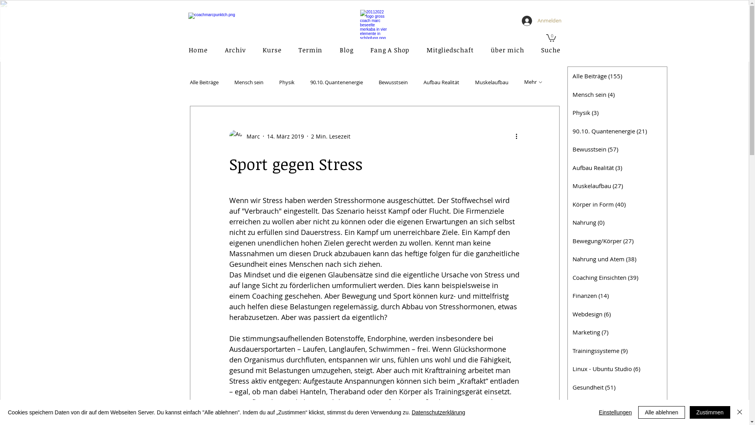 The height and width of the screenshot is (425, 755). What do you see at coordinates (550, 50) in the screenshot?
I see `'Suche'` at bounding box center [550, 50].